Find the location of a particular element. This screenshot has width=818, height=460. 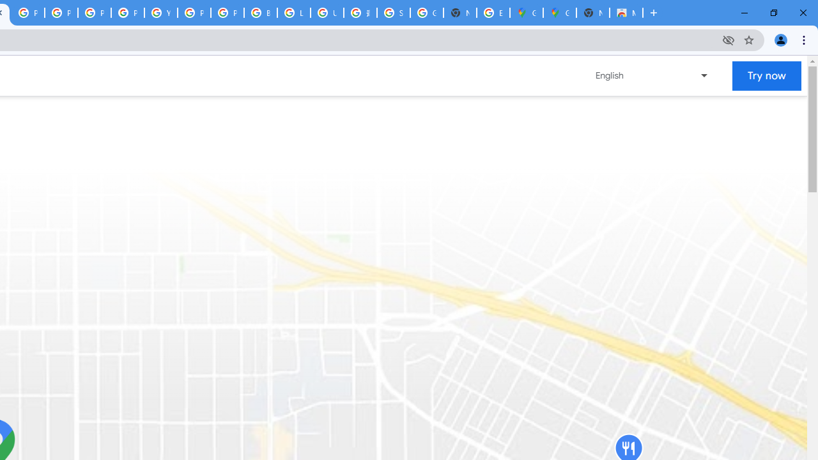

'Google Maps' is located at coordinates (526, 13).